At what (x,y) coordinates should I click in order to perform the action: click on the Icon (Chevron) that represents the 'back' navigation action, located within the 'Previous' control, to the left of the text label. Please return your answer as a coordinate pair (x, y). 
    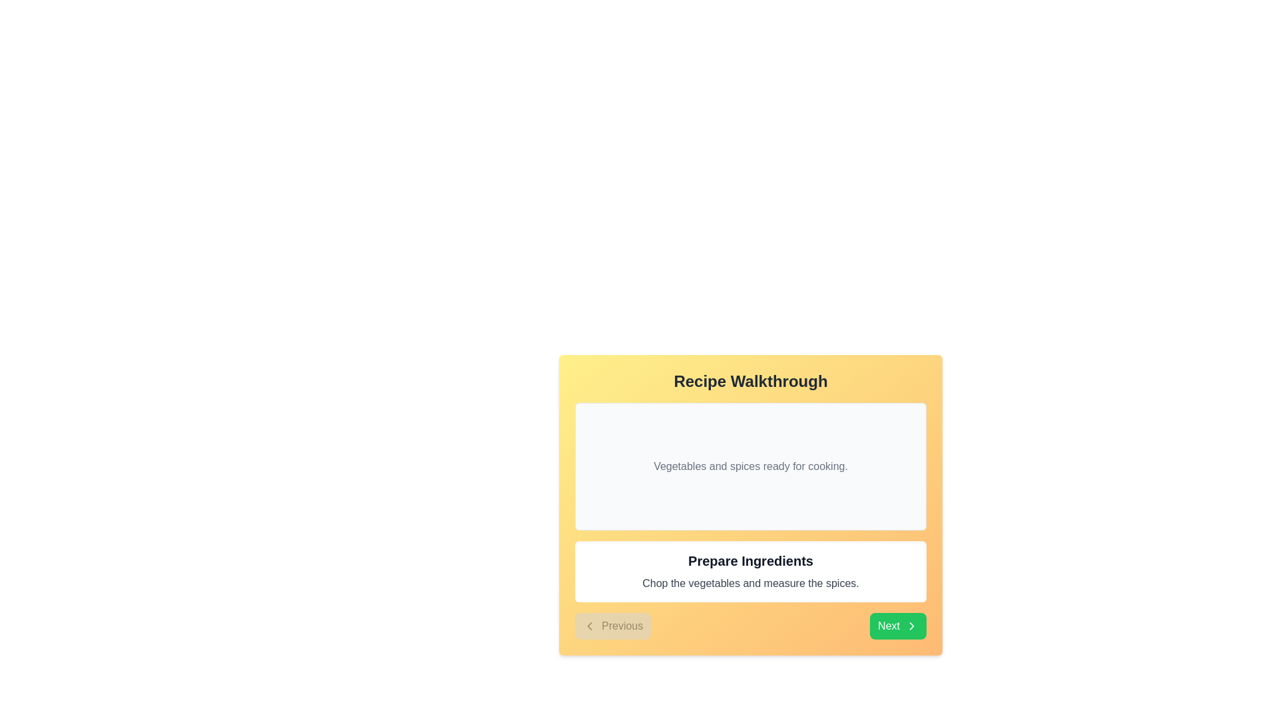
    Looking at the image, I should click on (589, 626).